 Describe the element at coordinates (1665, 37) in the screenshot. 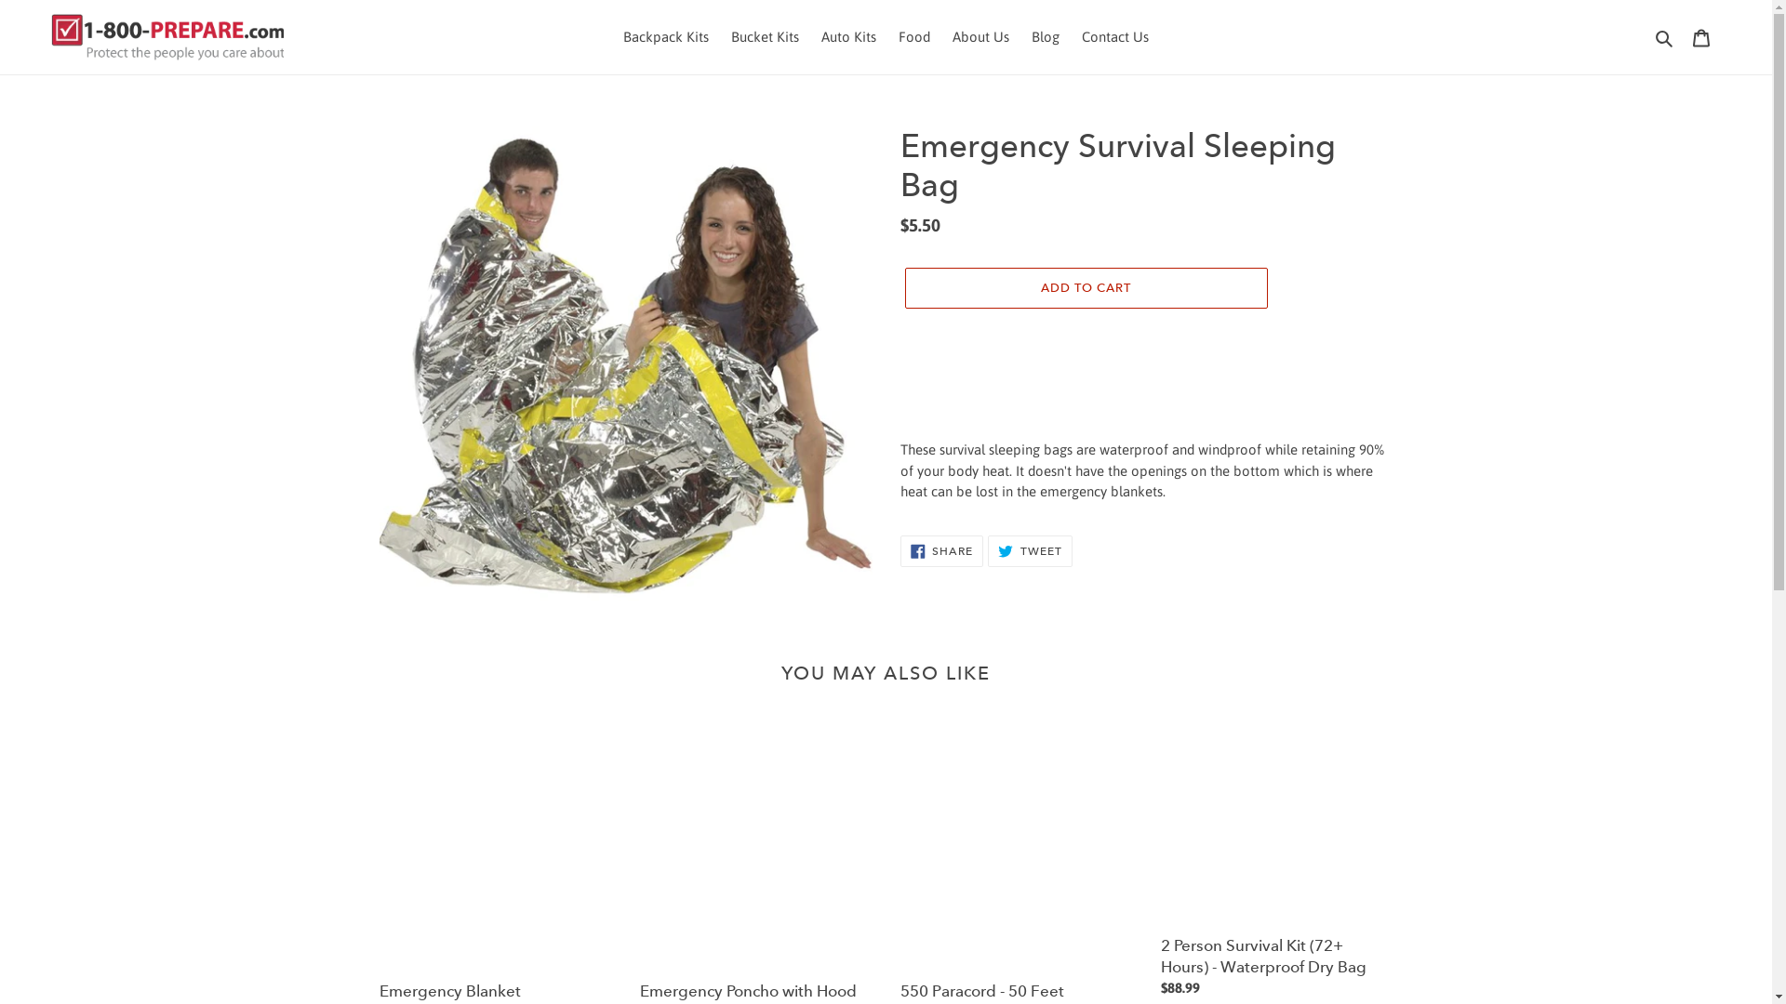

I see `'Search'` at that location.